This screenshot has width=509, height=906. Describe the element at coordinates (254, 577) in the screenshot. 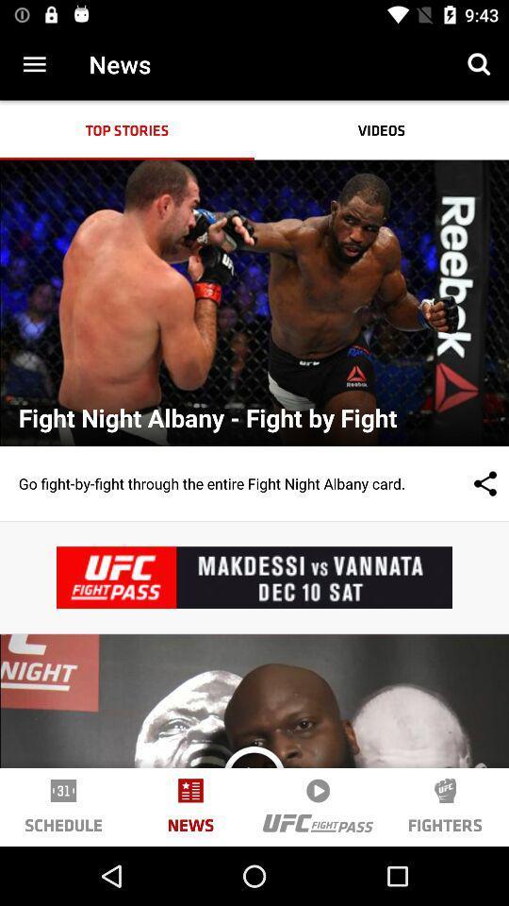

I see `ufc fight pass makdessi vs vannata dec 10 sat` at that location.